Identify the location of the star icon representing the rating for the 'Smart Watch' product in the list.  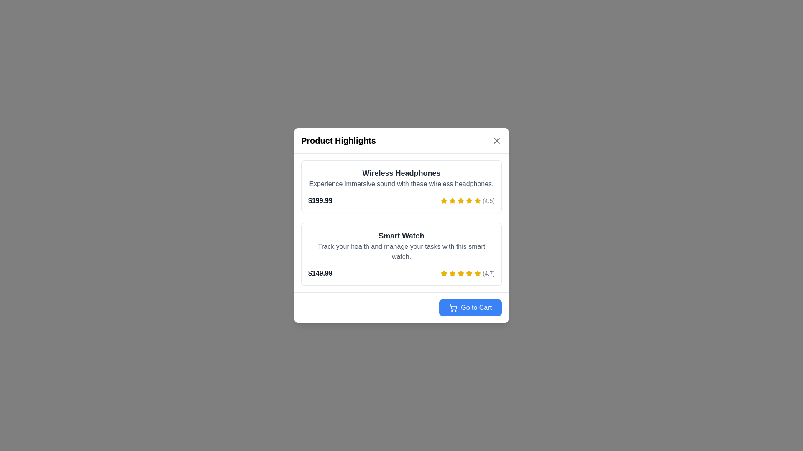
(452, 273).